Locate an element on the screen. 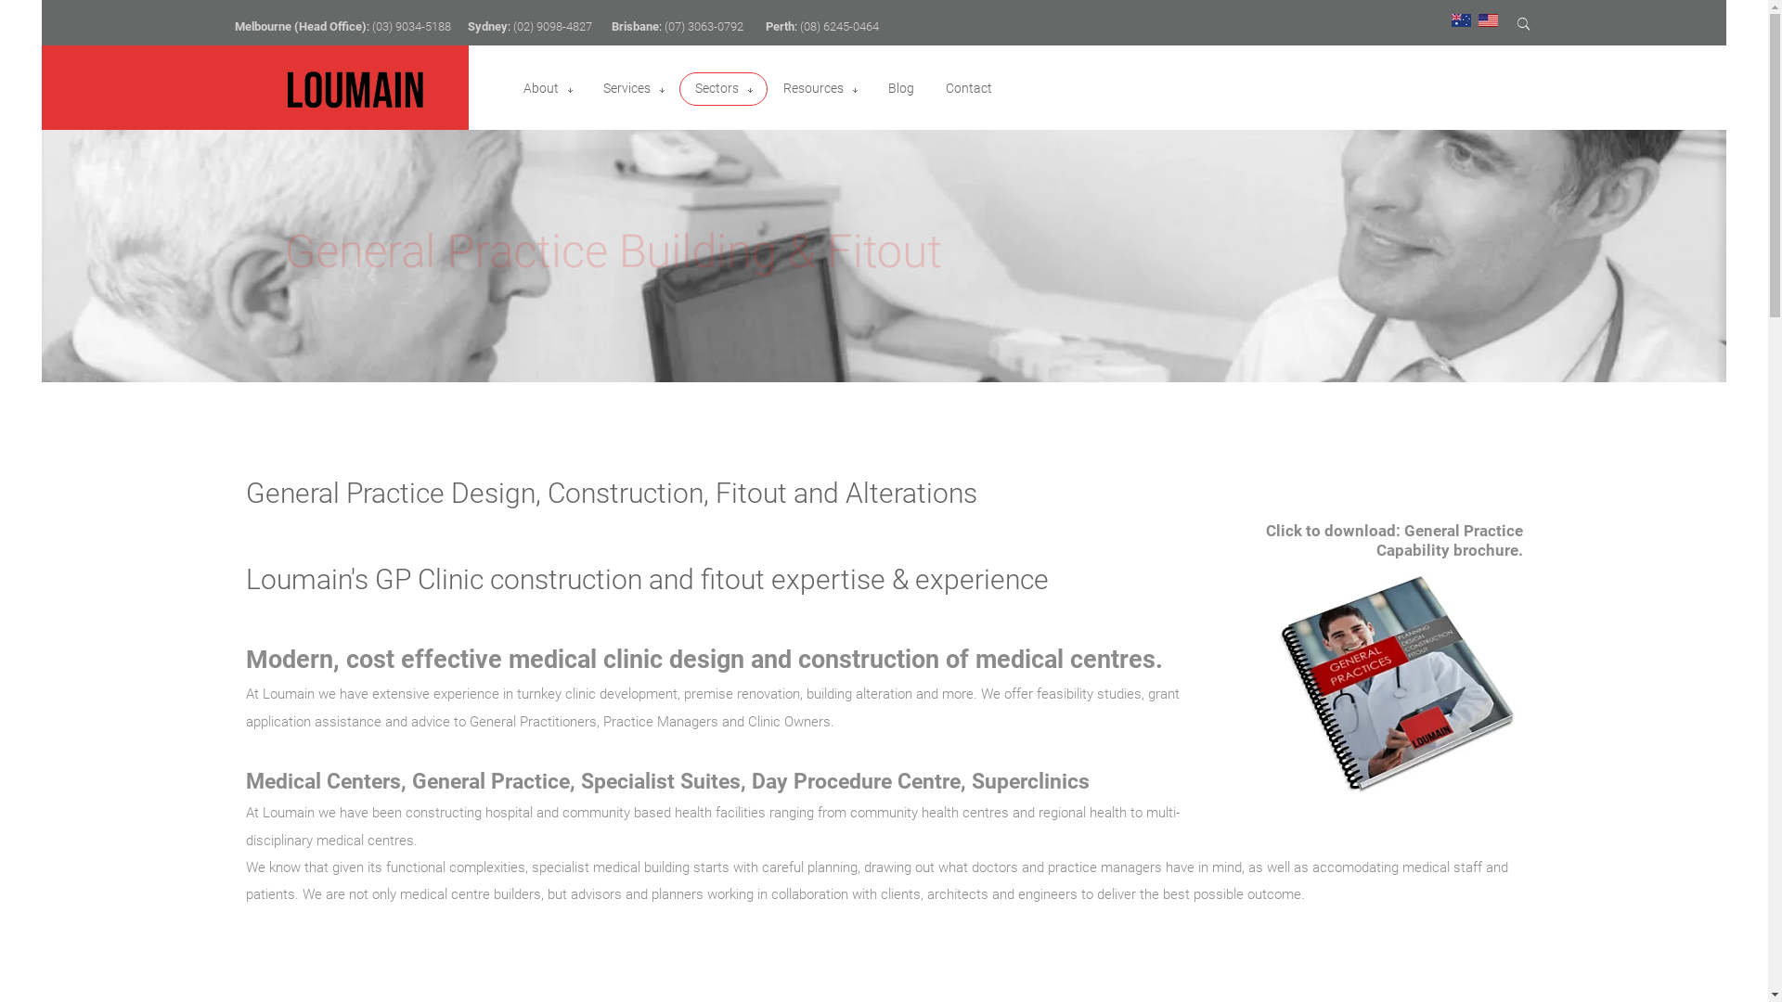 This screenshot has height=1002, width=1782. 'Sectors' is located at coordinates (715, 88).